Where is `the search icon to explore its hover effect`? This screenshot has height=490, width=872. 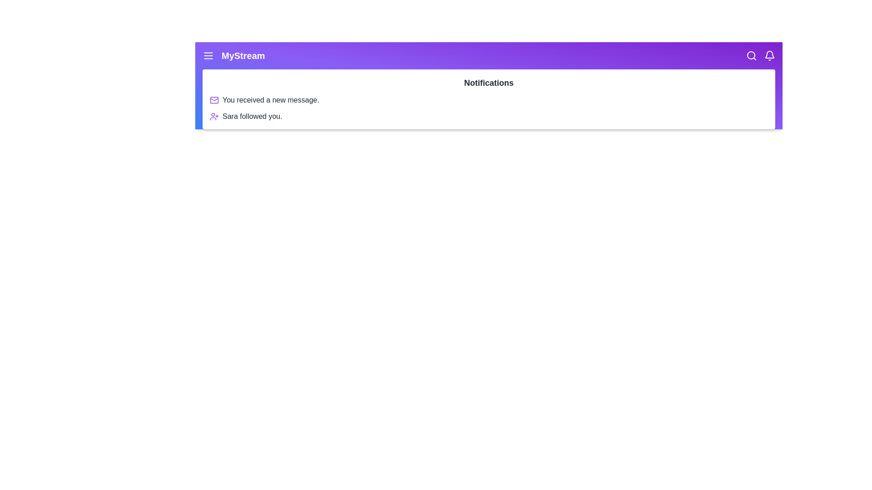 the search icon to explore its hover effect is located at coordinates (752, 56).